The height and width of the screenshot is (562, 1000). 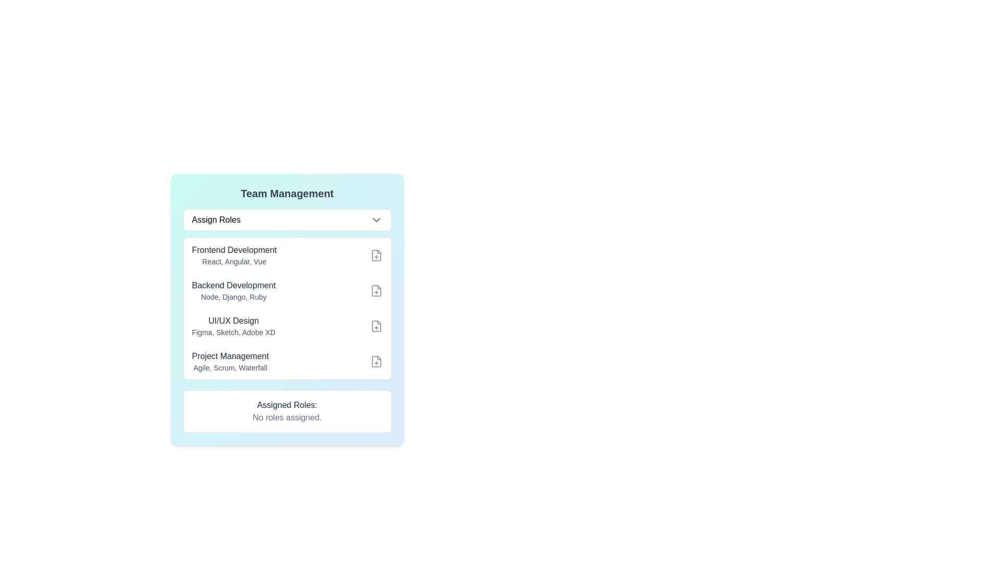 What do you see at coordinates (376, 220) in the screenshot?
I see `the dropdown indicator icon located on the far-right side of the 'Assign Roles' section in the 'Team Management' interface to possibly see a tooltip` at bounding box center [376, 220].